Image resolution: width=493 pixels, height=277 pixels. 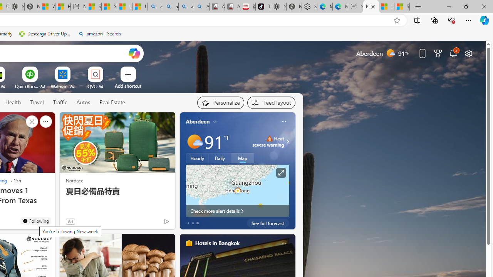 What do you see at coordinates (189, 243) in the screenshot?
I see `'hotels-header-icon'` at bounding box center [189, 243].